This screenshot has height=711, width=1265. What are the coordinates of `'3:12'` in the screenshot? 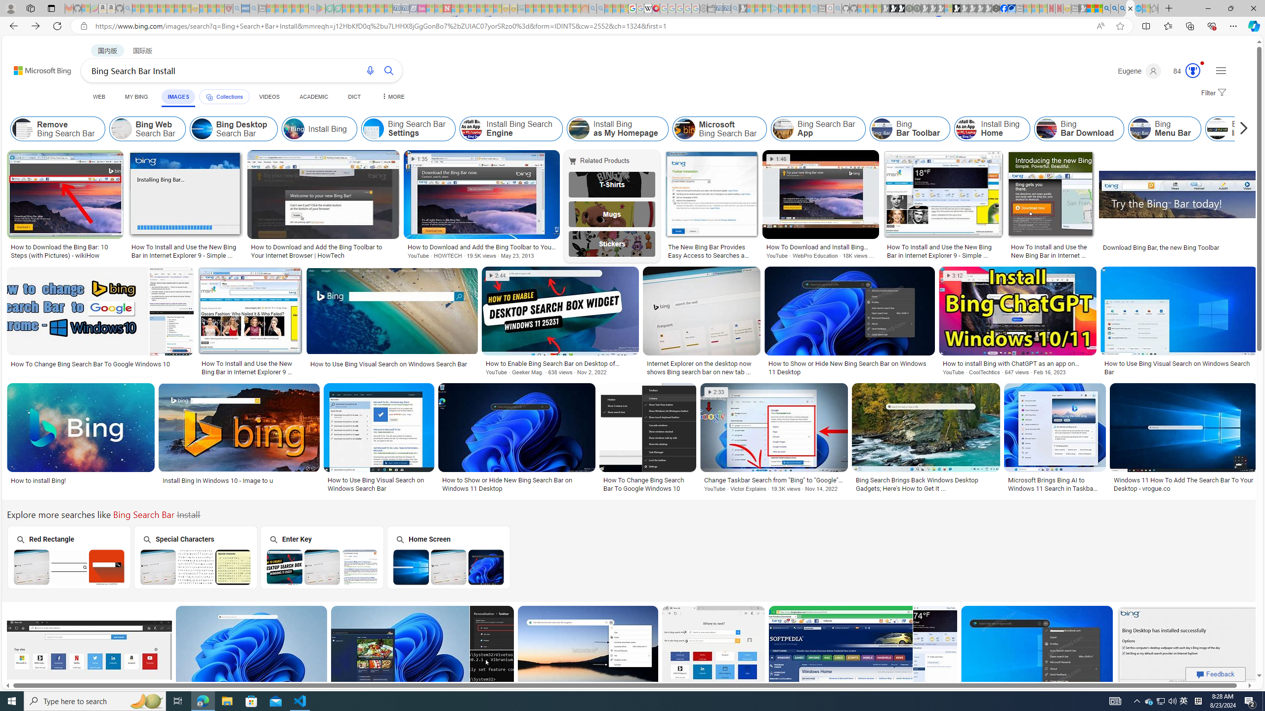 It's located at (954, 276).